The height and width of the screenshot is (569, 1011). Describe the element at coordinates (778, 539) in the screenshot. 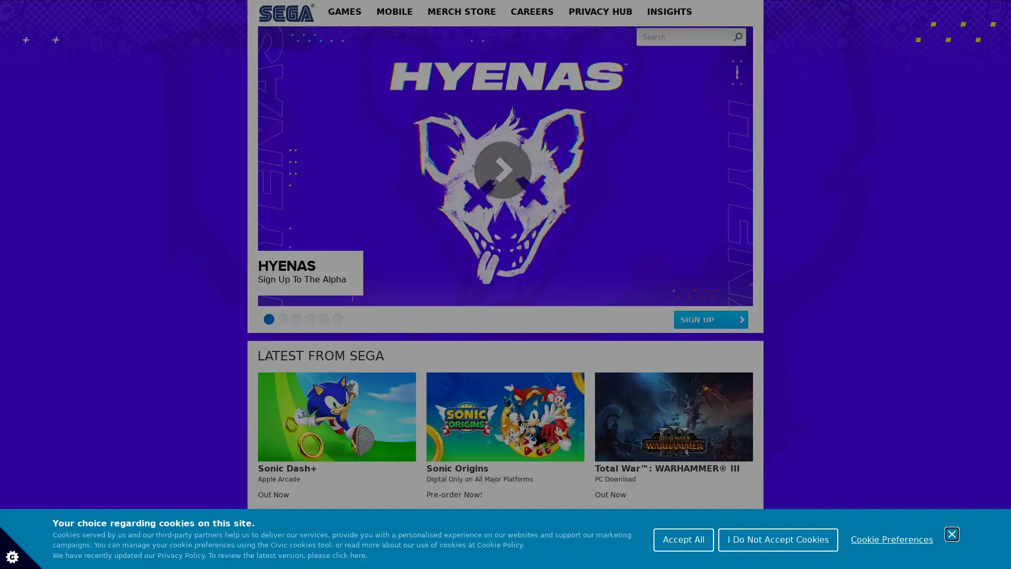

I see `I Do Not Accept Cookies` at that location.